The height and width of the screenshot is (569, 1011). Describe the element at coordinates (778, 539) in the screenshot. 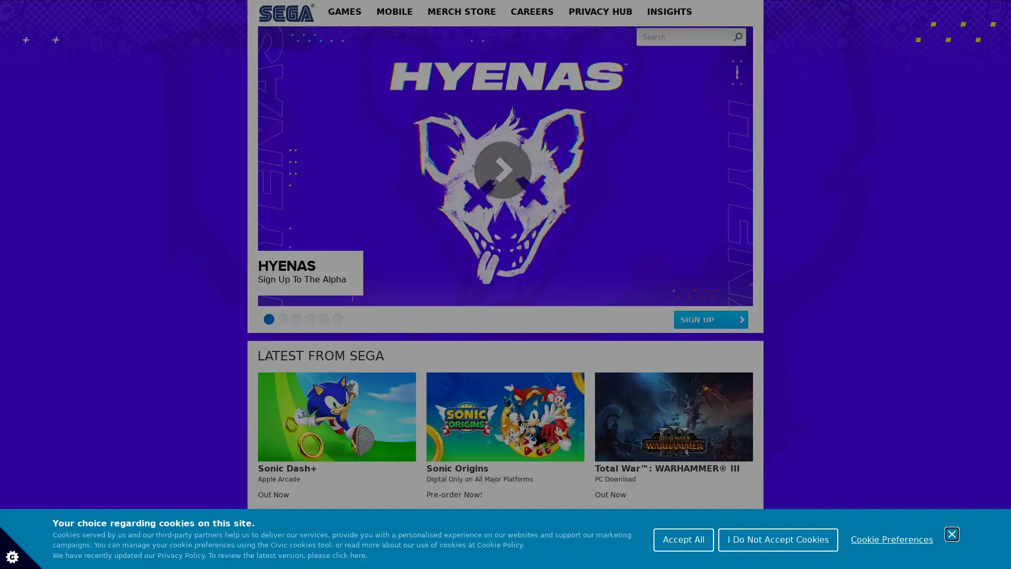

I see `I Do Not Accept Cookies` at that location.